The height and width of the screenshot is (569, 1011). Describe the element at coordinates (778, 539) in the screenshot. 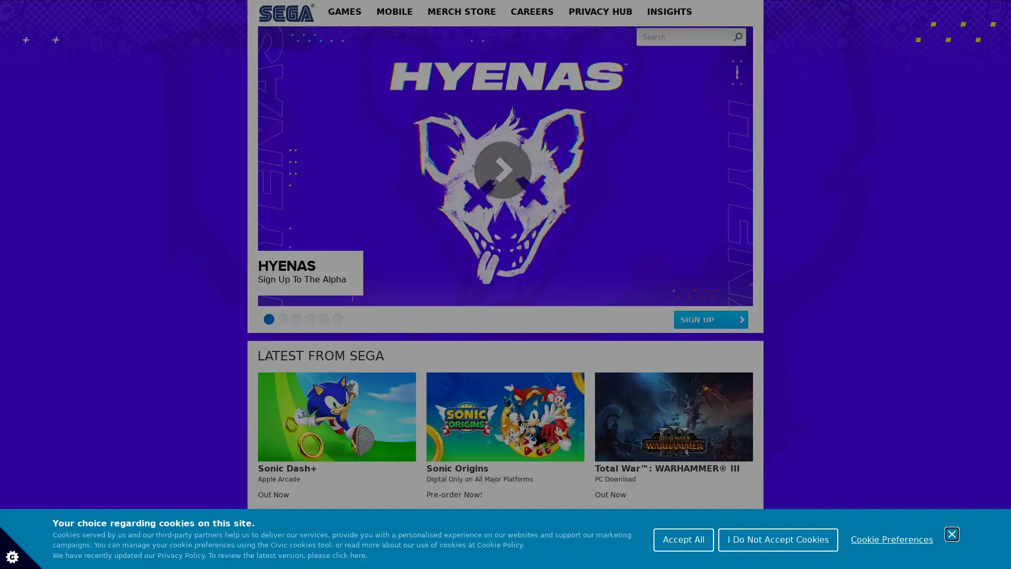

I see `I Do Not Accept Cookies` at that location.